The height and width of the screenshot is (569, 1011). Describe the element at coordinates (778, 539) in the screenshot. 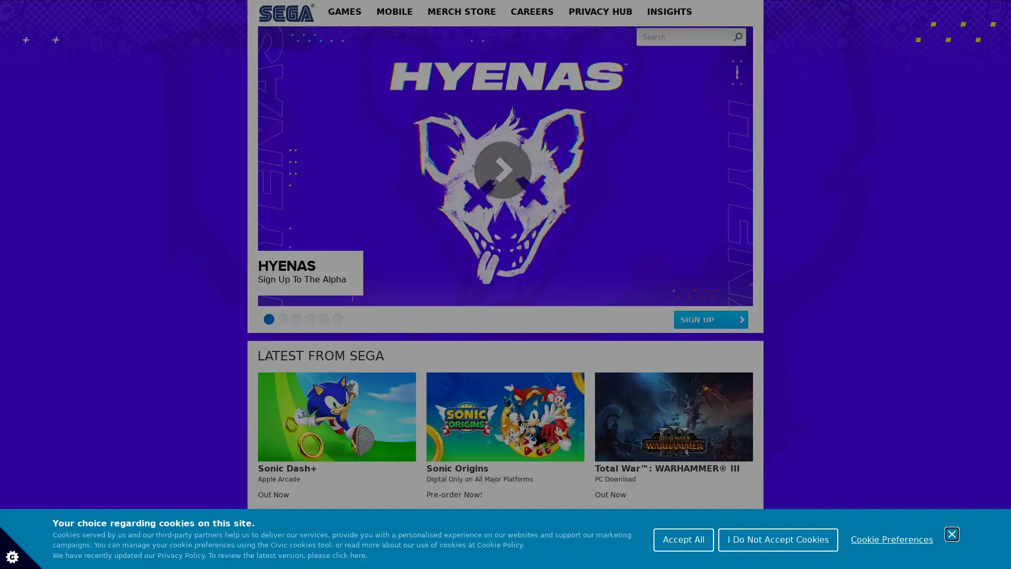

I see `I Do Not Accept Cookies` at that location.